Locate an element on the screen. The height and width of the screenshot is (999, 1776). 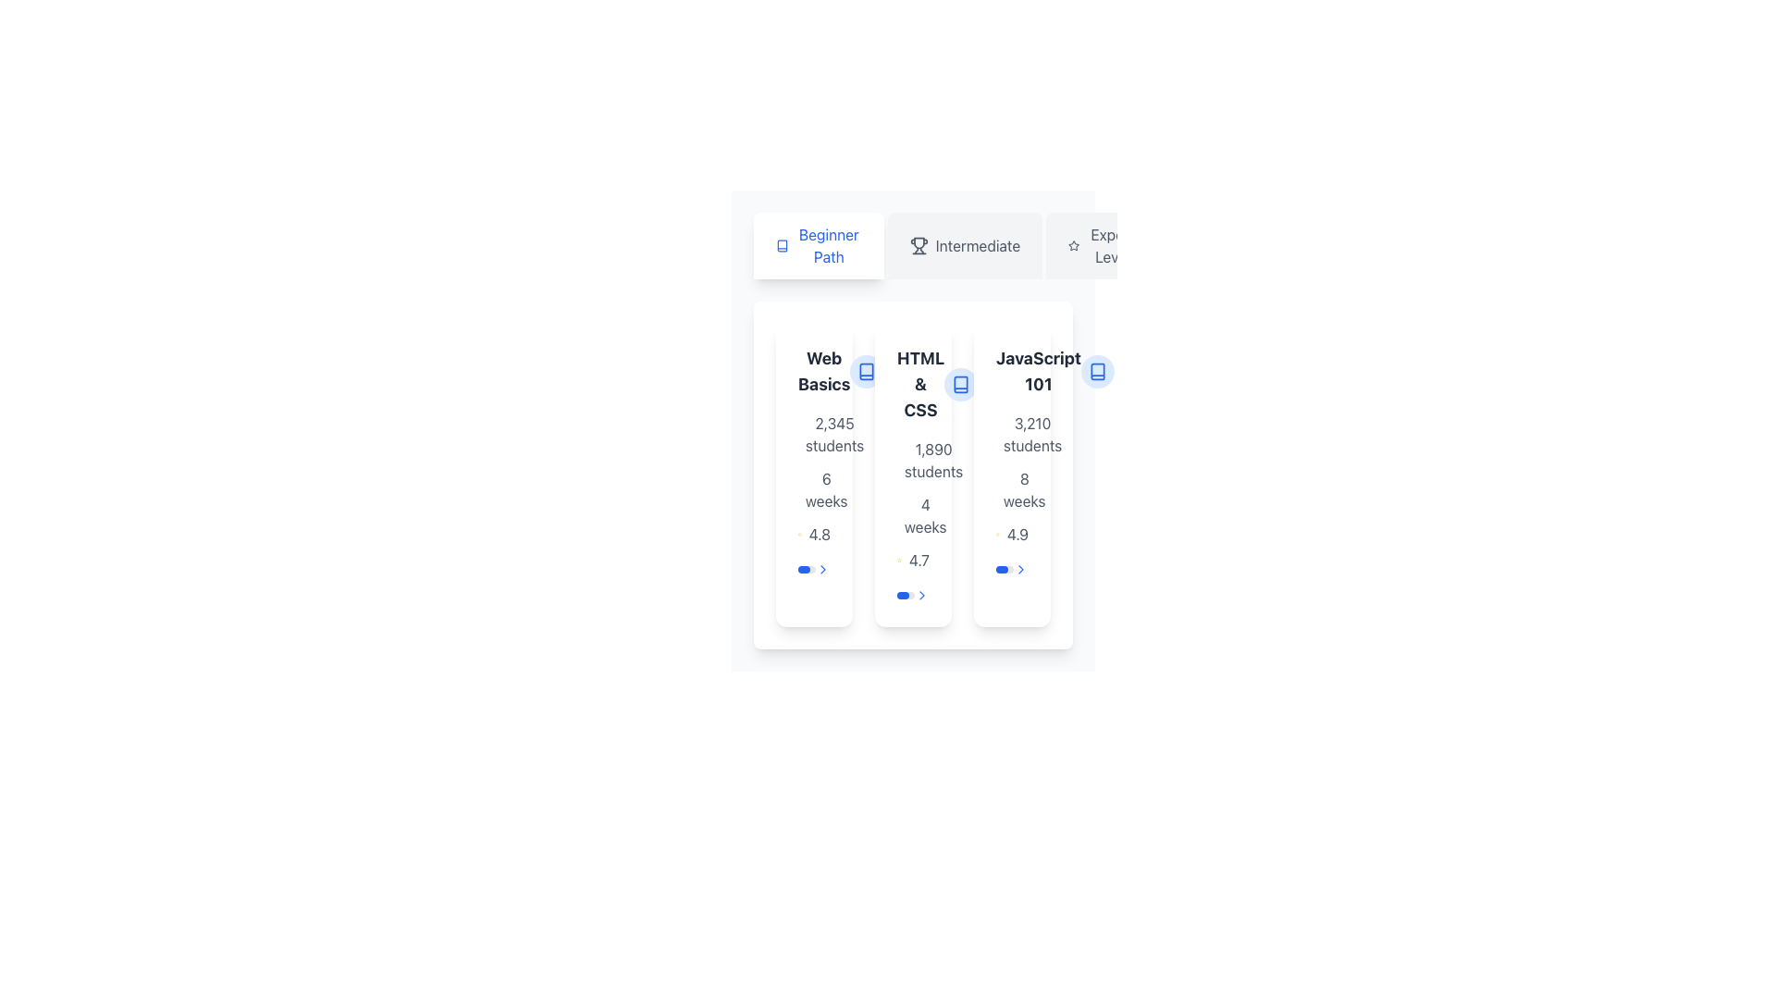
the star icon indicating a rating system located to the left of the text '4.9' in the 'JavaScript 101' card is located at coordinates (996, 535).